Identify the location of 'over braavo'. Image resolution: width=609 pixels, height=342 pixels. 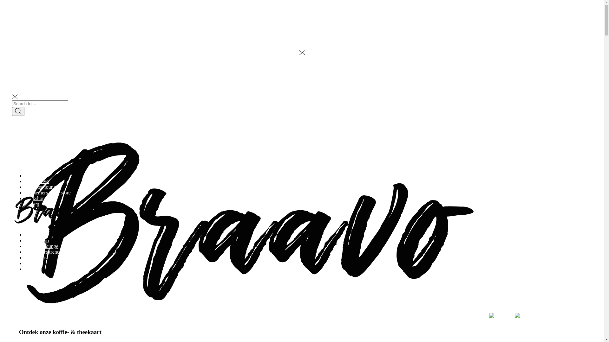
(36, 240).